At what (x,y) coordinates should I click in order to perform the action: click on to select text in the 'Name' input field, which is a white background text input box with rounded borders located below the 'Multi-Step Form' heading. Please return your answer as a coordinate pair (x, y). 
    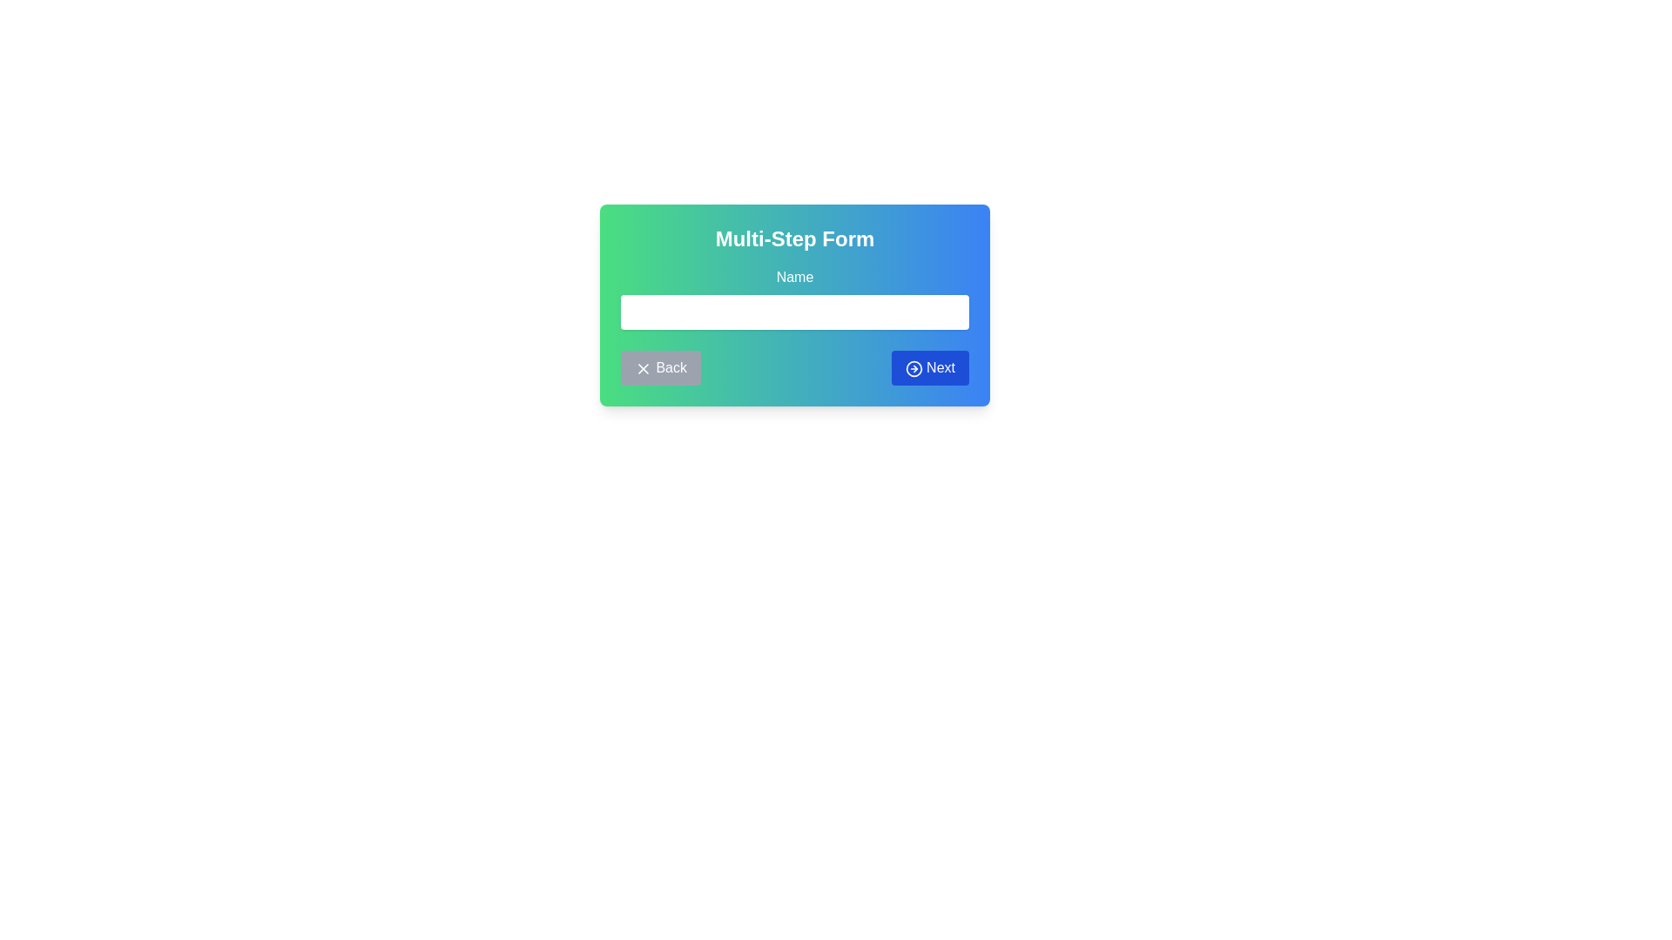
    Looking at the image, I should click on (793, 298).